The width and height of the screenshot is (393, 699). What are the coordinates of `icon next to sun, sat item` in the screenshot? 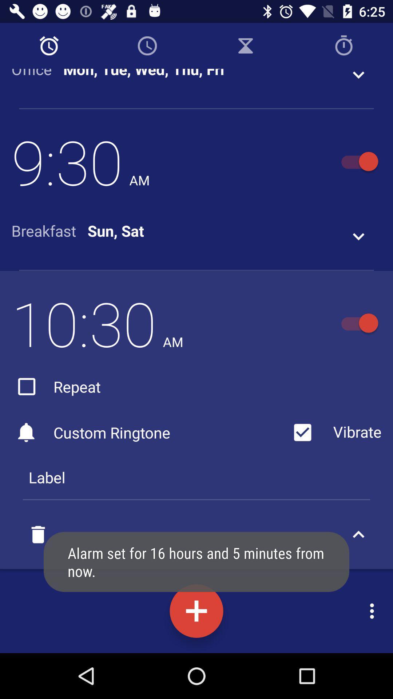 It's located at (49, 230).